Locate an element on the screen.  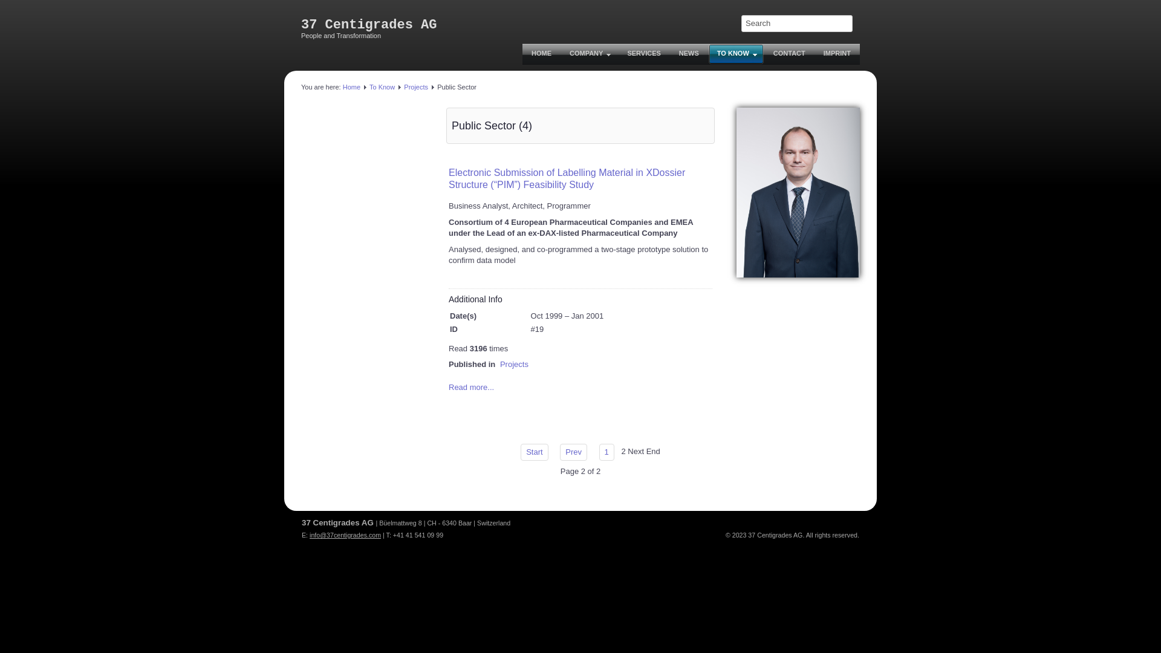
'37 Centigrades AG' is located at coordinates (368, 25).